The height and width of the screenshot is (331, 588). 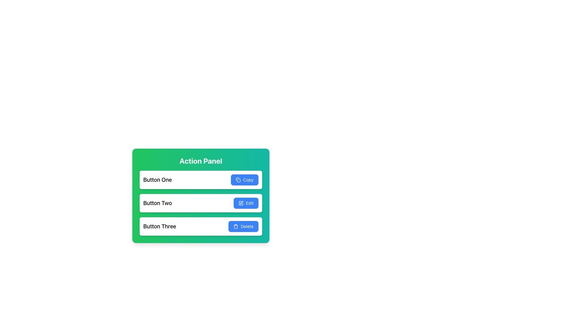 I want to click on the blue button containing the text label for delete action, which is the third button in the vertical stack of action buttons in the green 'Action Panel', located to the right of the trash-can icon, so click(x=247, y=226).